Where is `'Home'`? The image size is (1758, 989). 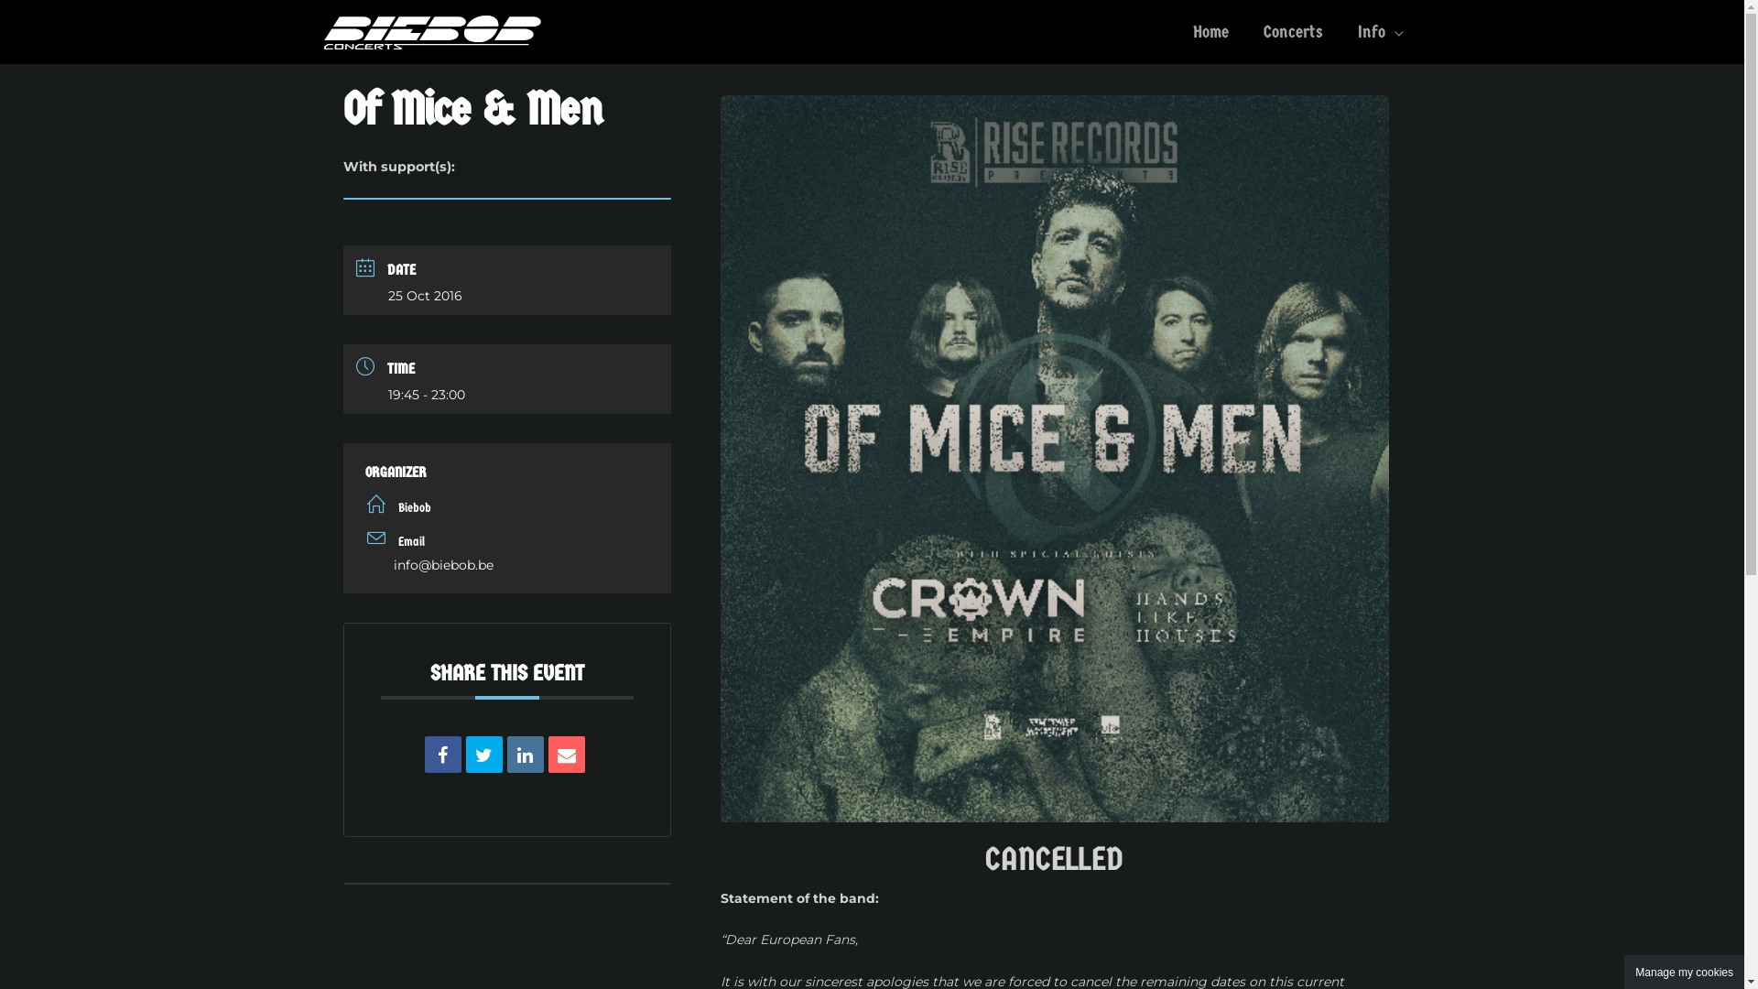 'Home' is located at coordinates (1174, 31).